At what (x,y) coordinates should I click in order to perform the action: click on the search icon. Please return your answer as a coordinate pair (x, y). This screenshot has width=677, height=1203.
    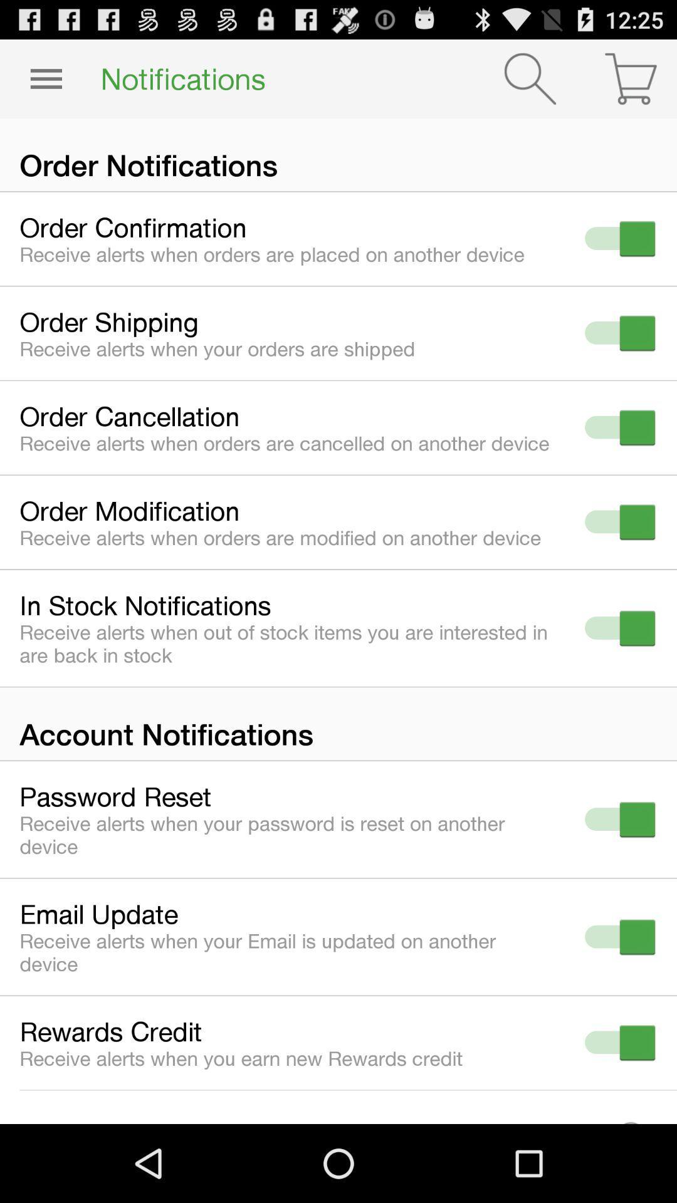
    Looking at the image, I should click on (530, 83).